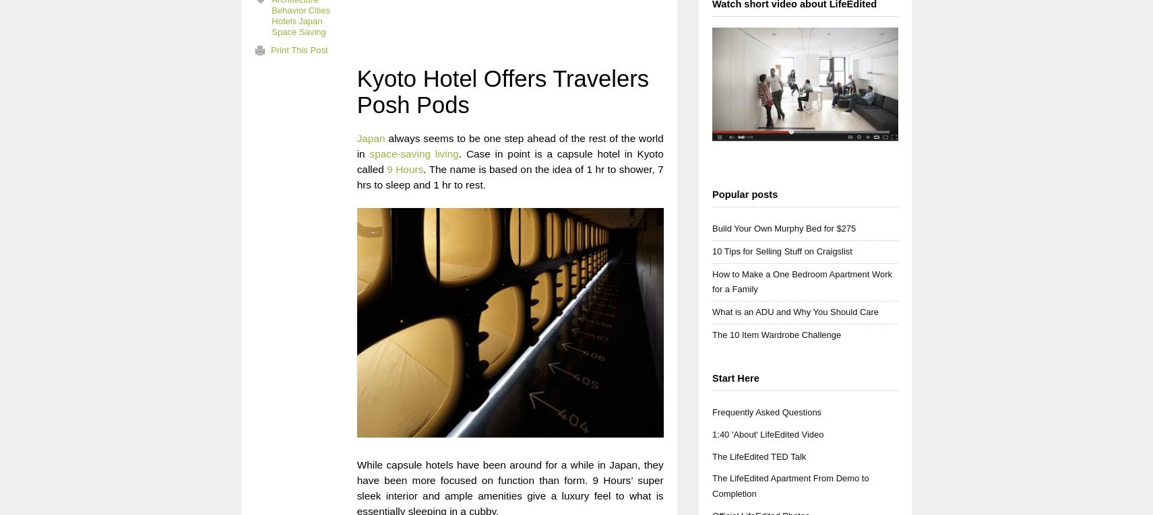 The width and height of the screenshot is (1153, 515). Describe the element at coordinates (501, 92) in the screenshot. I see `'Kyoto Hotel Offers Travelers Posh Pods'` at that location.